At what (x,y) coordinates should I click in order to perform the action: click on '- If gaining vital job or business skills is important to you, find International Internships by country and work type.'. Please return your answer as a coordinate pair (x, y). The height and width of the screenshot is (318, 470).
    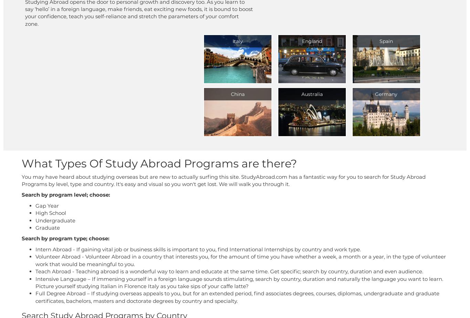
    Looking at the image, I should click on (71, 249).